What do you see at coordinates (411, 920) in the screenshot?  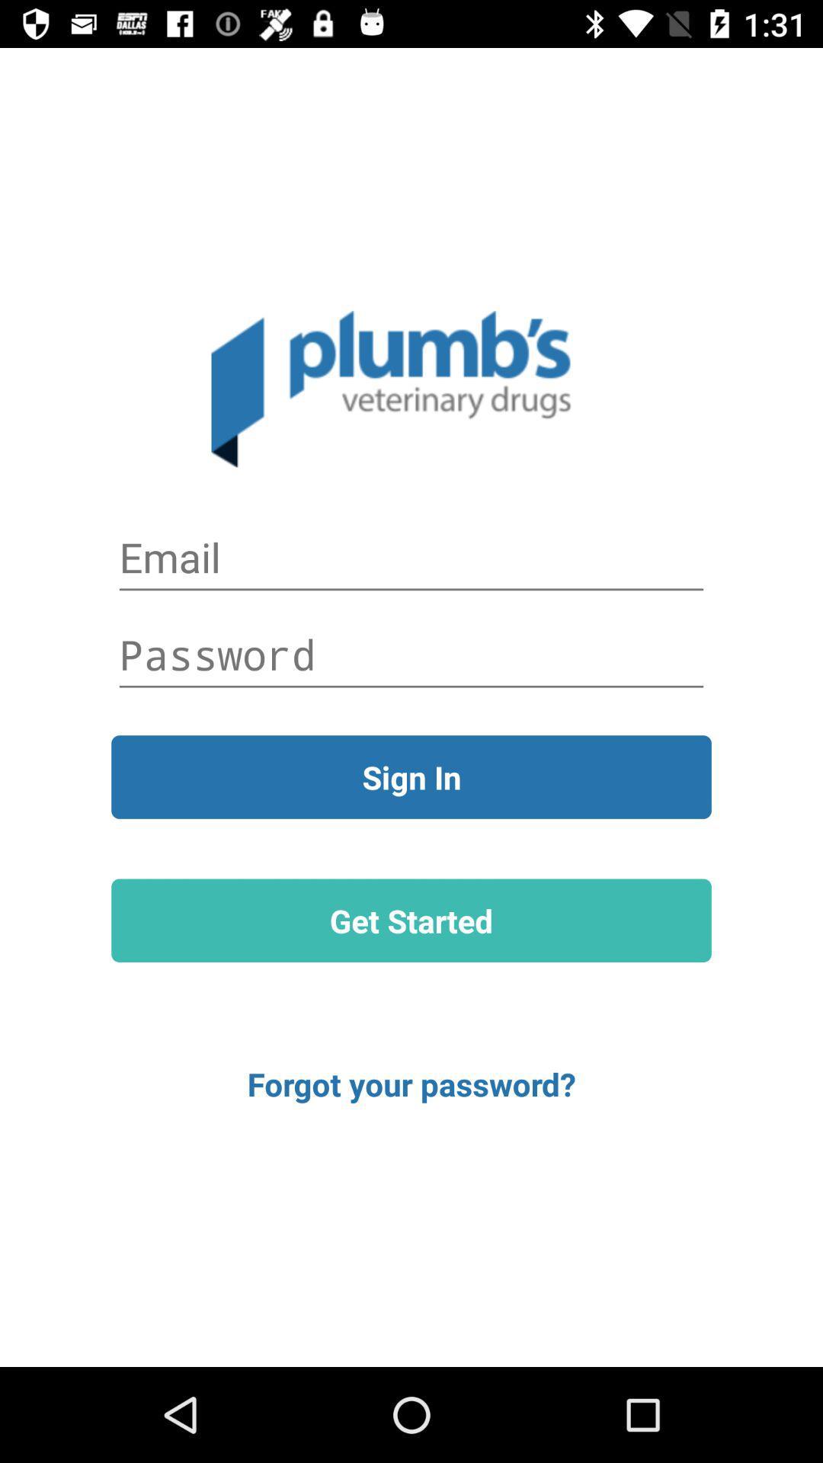 I see `the icon above the forgot your password? item` at bounding box center [411, 920].